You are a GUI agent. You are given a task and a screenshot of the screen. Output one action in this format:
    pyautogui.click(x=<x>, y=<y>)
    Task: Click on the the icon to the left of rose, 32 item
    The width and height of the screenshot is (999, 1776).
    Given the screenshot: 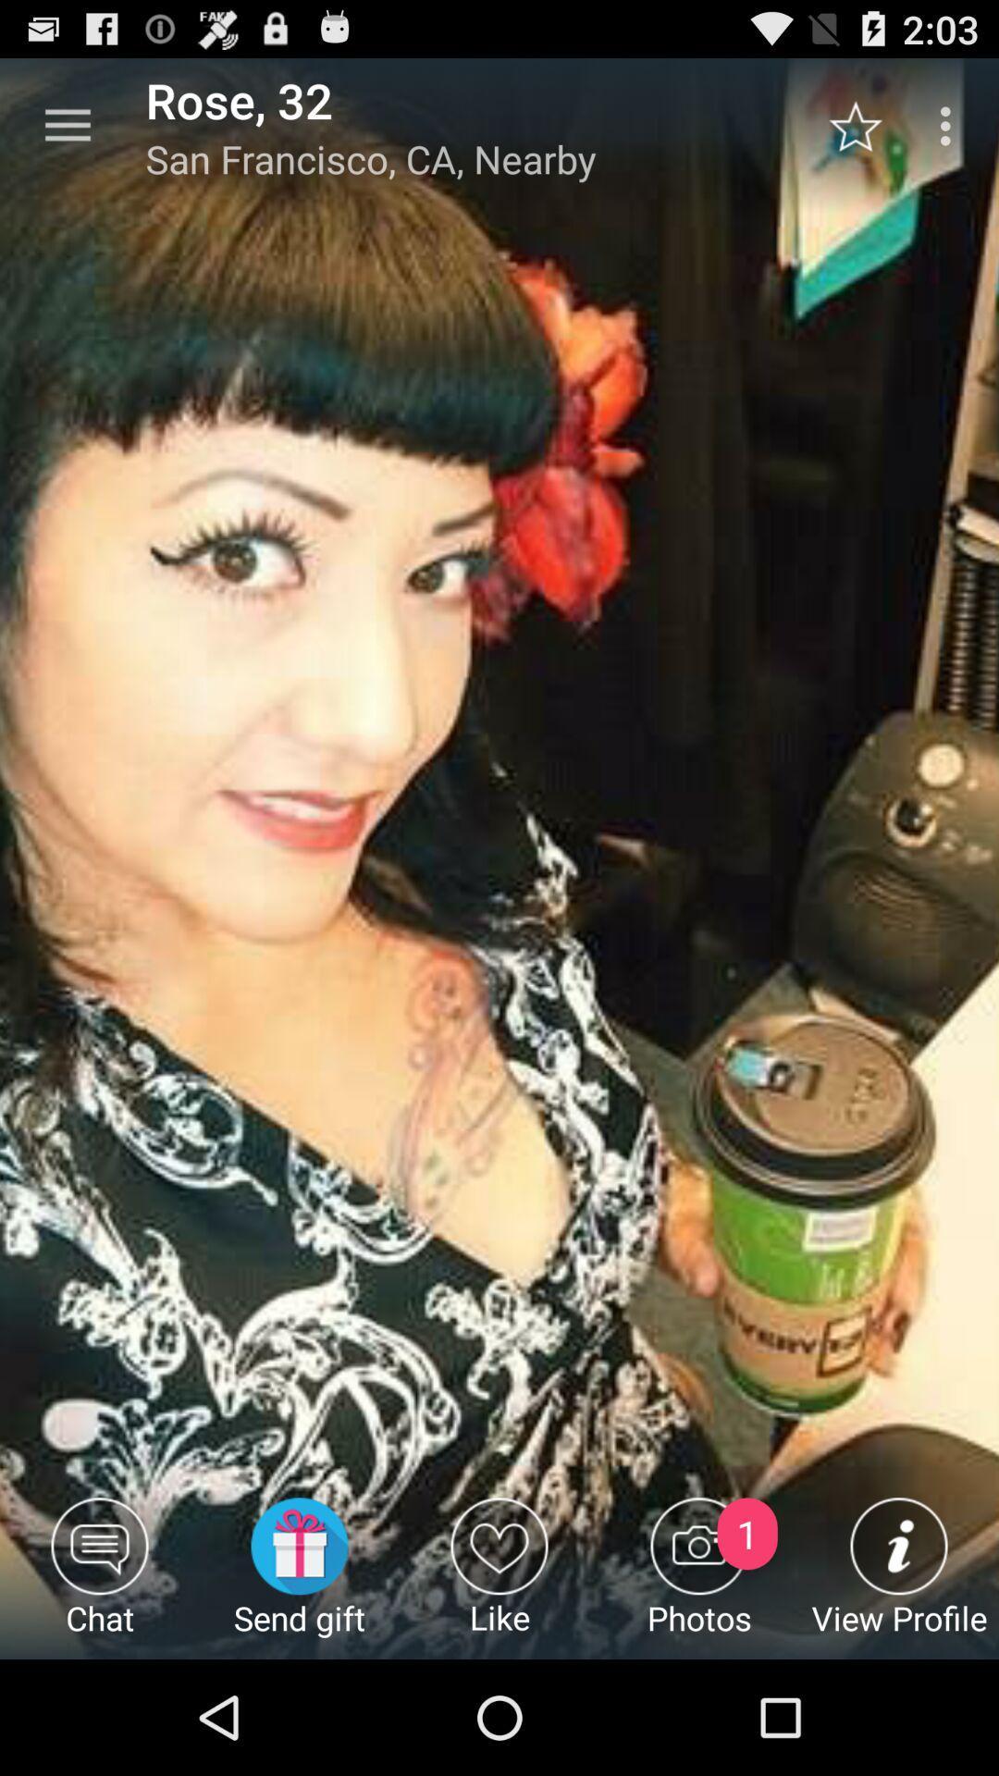 What is the action you would take?
    pyautogui.click(x=67, y=125)
    